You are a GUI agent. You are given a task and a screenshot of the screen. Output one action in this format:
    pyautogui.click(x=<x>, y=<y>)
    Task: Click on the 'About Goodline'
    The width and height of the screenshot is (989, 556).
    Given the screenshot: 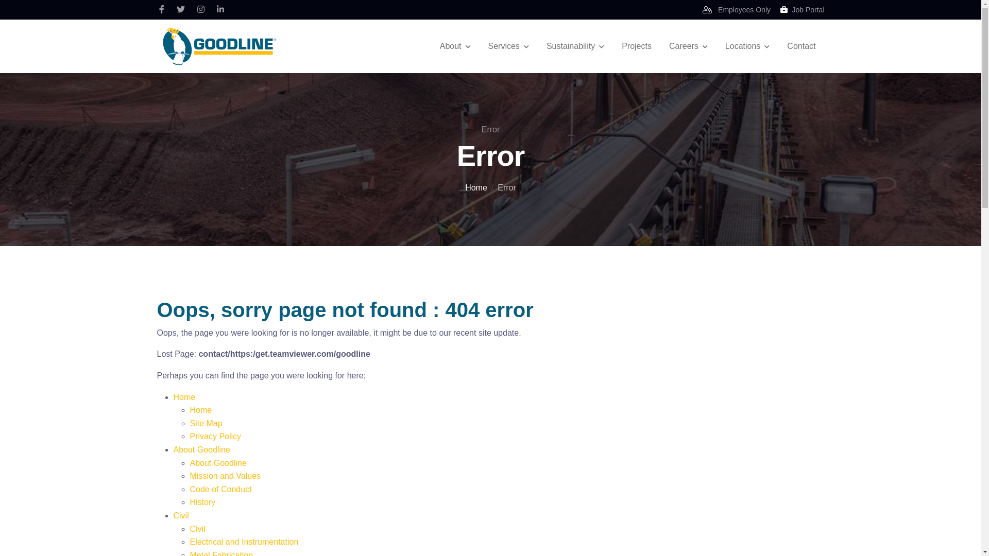 What is the action you would take?
    pyautogui.click(x=217, y=462)
    